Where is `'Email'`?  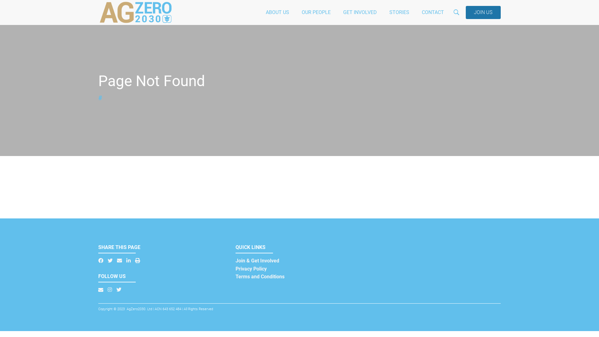 'Email' is located at coordinates (100, 290).